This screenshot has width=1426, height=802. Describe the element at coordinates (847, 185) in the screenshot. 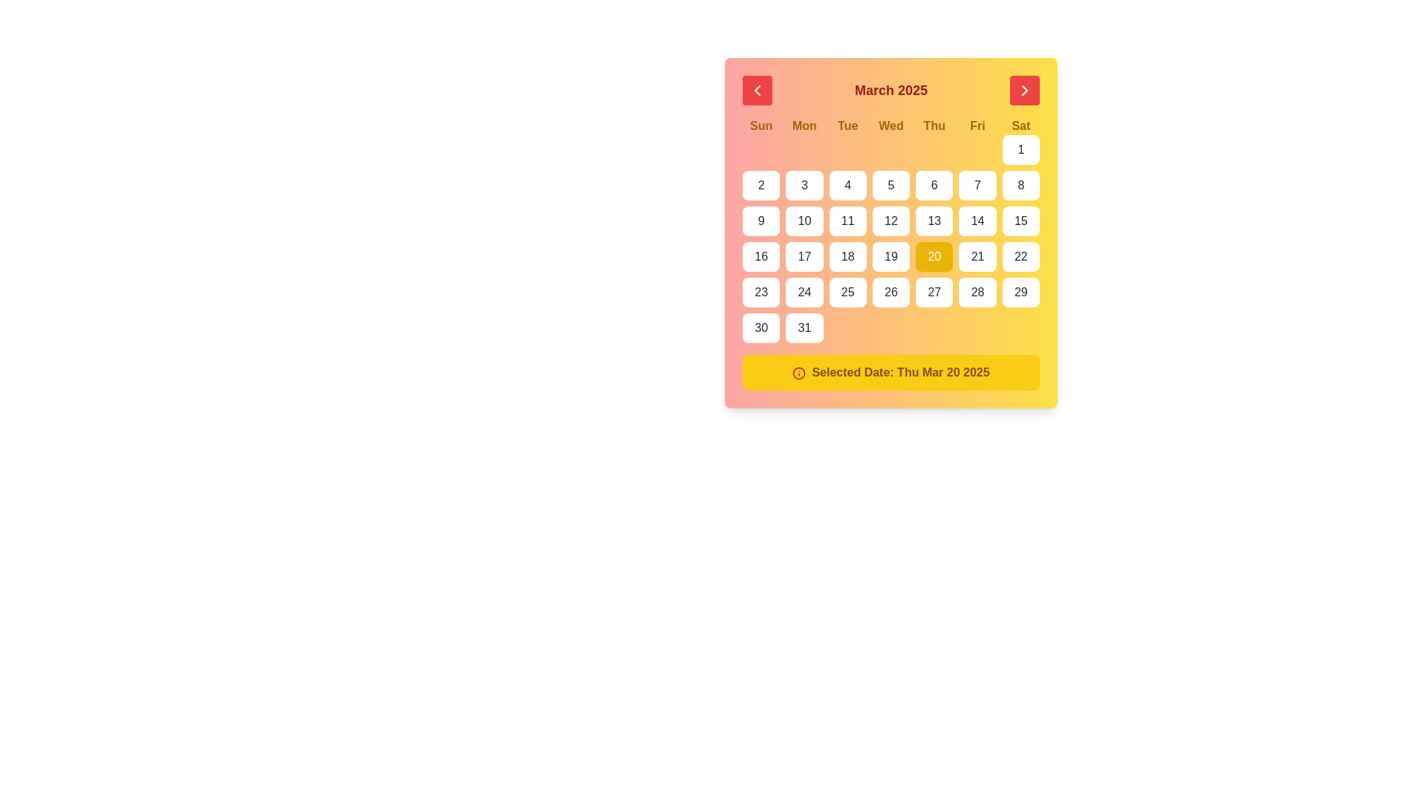

I see `the button displaying the number '4' in bold, dark font, located in the first row of date buttons in the calendar grid layout` at that location.